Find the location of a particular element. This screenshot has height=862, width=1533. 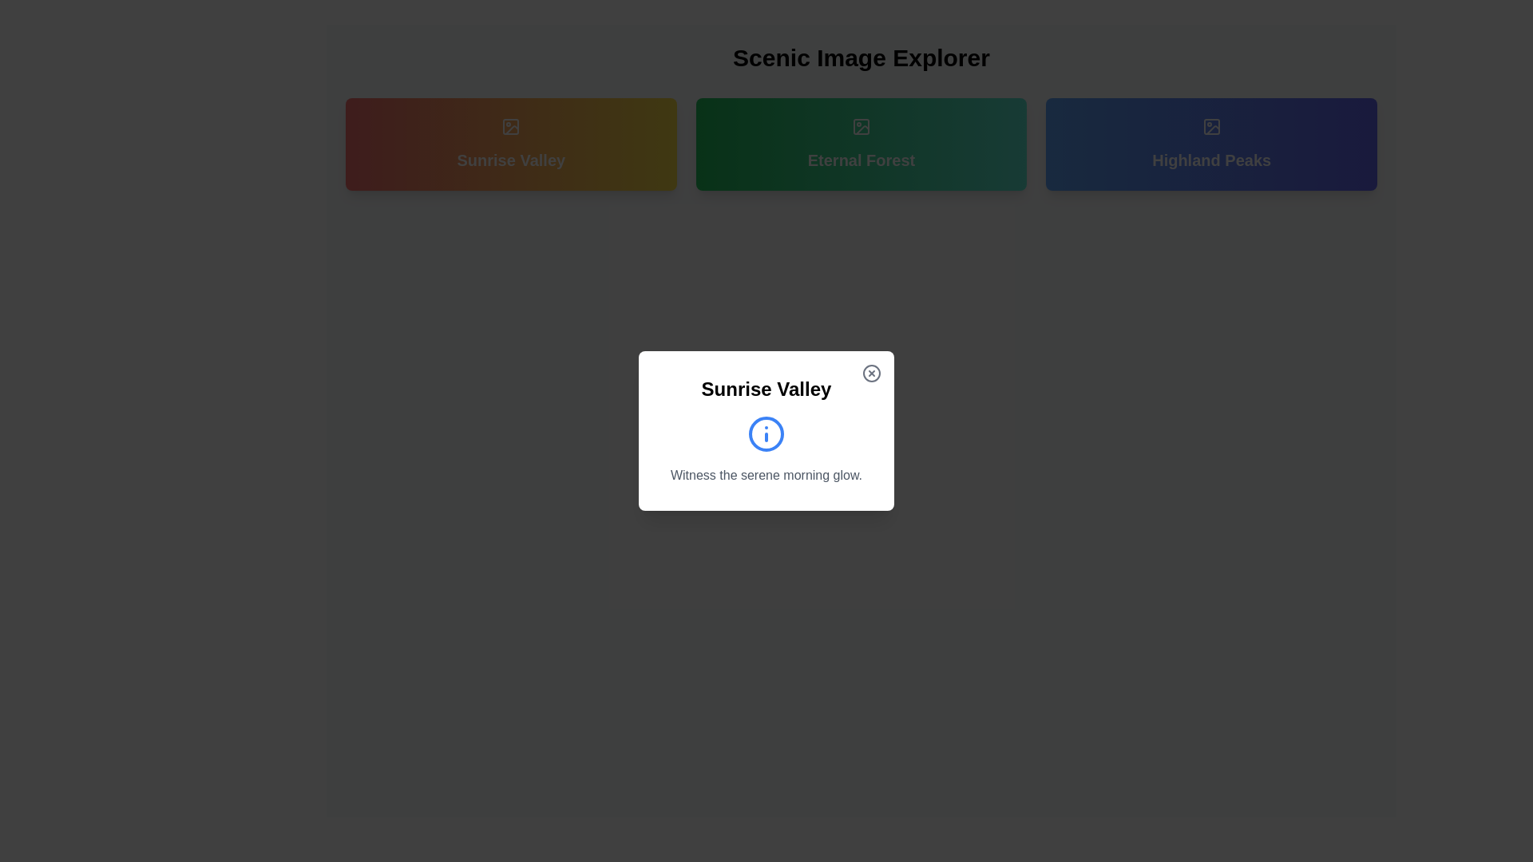

the Text Label which serves as the title or header for the interface, located at the top section and centered horizontally is located at coordinates (861, 57).